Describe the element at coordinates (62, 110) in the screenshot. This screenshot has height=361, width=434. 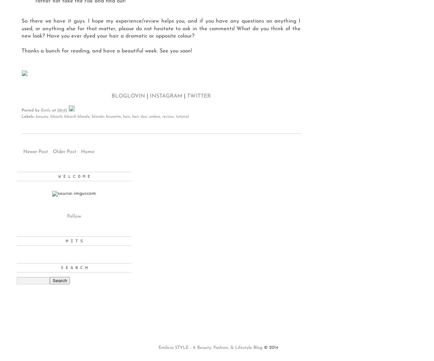
I see `'00:45'` at that location.